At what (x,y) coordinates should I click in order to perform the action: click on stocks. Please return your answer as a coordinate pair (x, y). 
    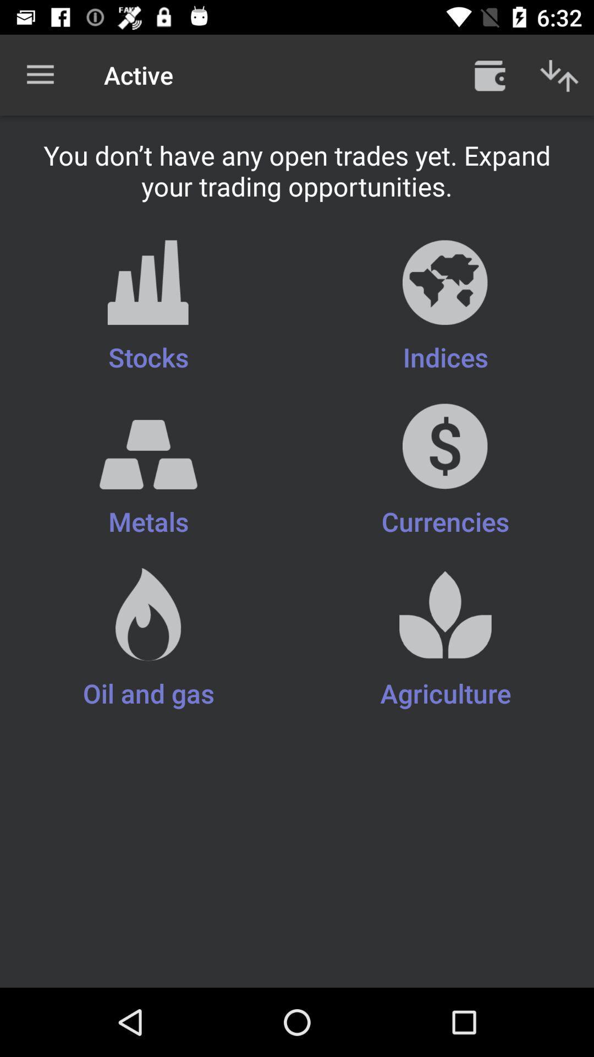
    Looking at the image, I should click on (148, 307).